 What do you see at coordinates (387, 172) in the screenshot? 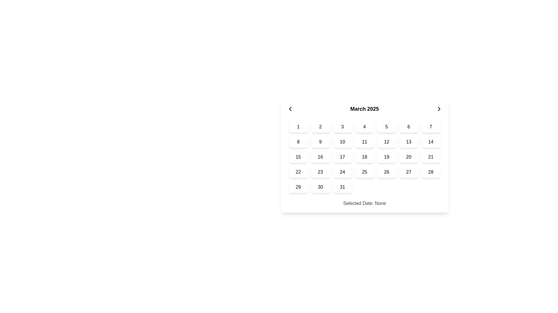
I see `the button representing the date '26' in the calendar grid for accessibility purposes` at bounding box center [387, 172].